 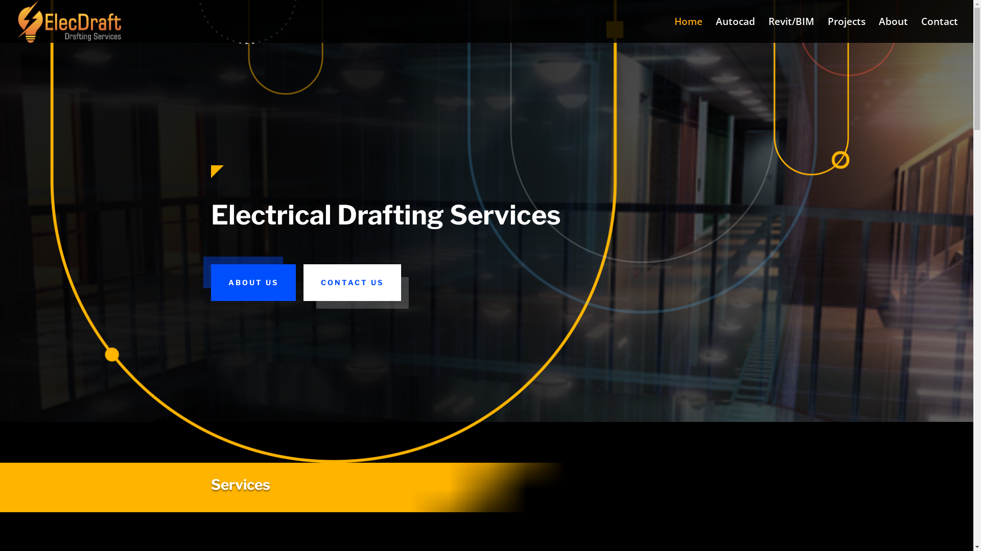 What do you see at coordinates (939, 30) in the screenshot?
I see `'Contact'` at bounding box center [939, 30].